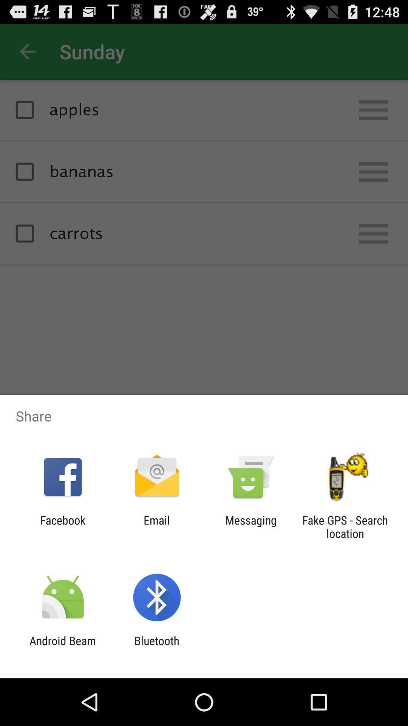  Describe the element at coordinates (251, 526) in the screenshot. I see `messaging icon` at that location.